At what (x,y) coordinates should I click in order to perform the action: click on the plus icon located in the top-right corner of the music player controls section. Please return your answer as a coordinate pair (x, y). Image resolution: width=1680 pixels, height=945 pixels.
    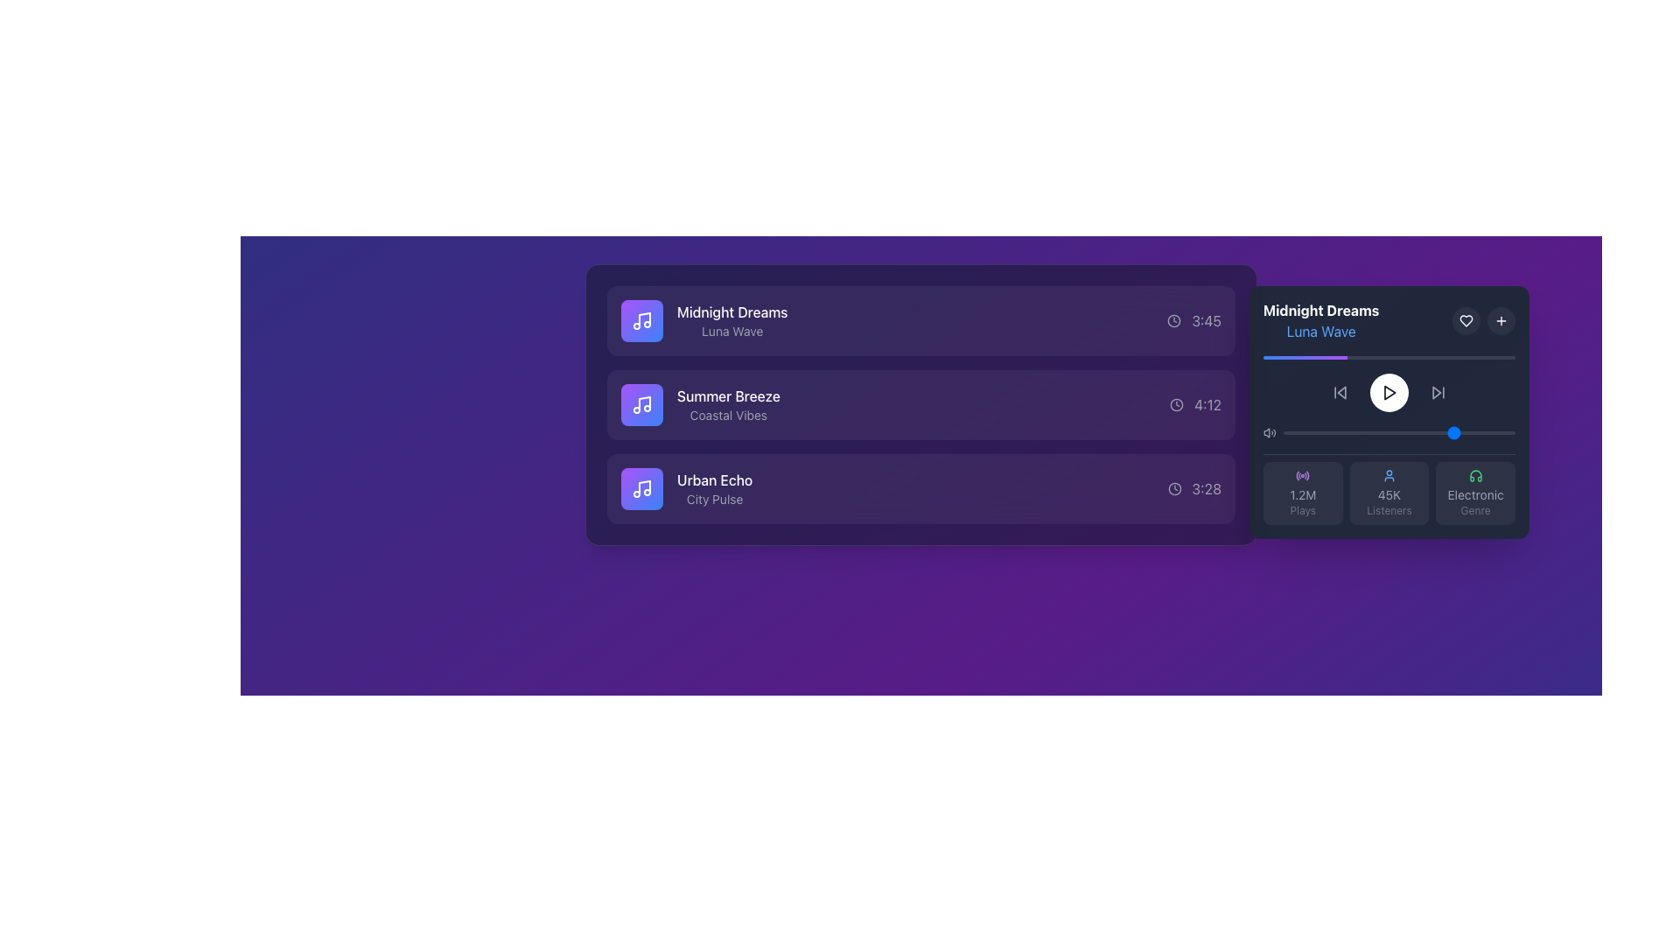
    Looking at the image, I should click on (1501, 320).